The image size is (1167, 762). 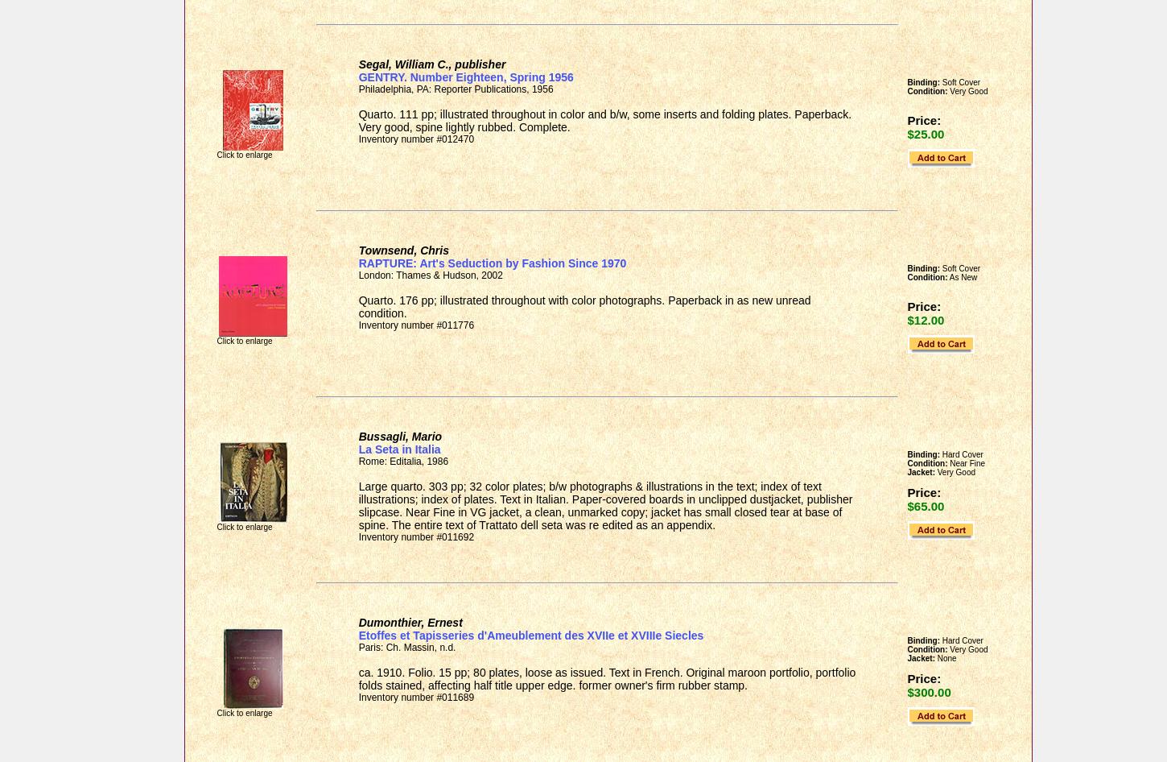 What do you see at coordinates (604, 504) in the screenshot?
I see `'Large quarto. 303 pp; 32 color plates; b/w photographs & illustrations in the text; index of text illustrations; index of plates. Text in Italian. Paper-covered boards in unclipped dustjacket, publisher slipcase. Near Fine in VG jacket, a clean, unmarked copy; jacket has small closed tear at base of spine. The entire text of Trattato dell seta was re edited as an appendix.'` at bounding box center [604, 504].